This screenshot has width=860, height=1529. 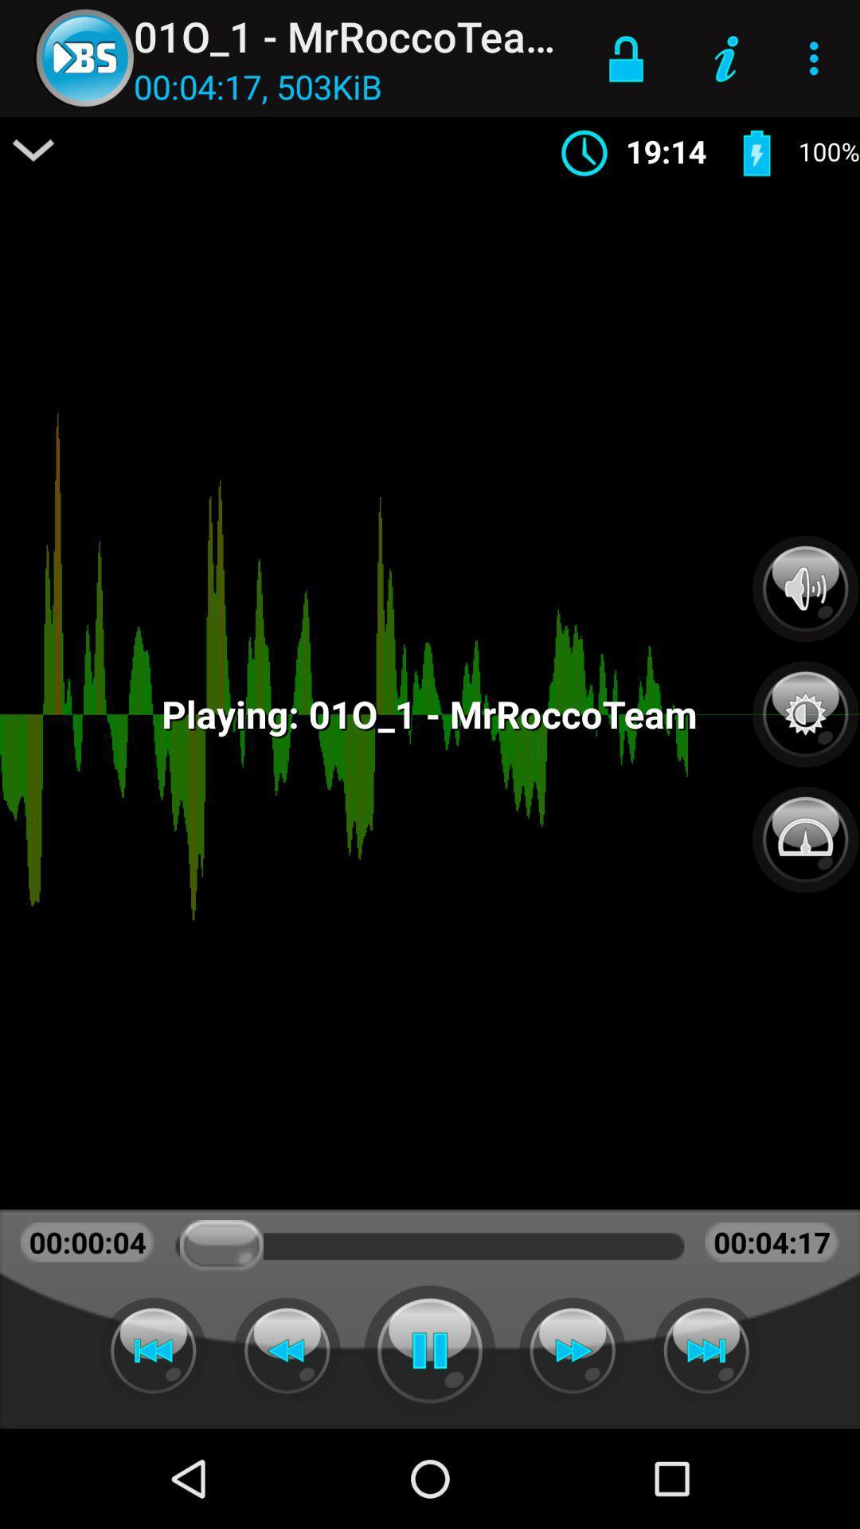 What do you see at coordinates (805, 830) in the screenshot?
I see `the emoji icon` at bounding box center [805, 830].